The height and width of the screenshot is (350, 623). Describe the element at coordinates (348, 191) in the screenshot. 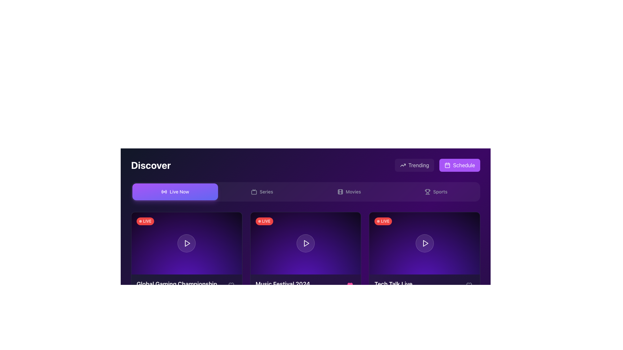

I see `the 'Movies' tab in the navigation bar` at that location.